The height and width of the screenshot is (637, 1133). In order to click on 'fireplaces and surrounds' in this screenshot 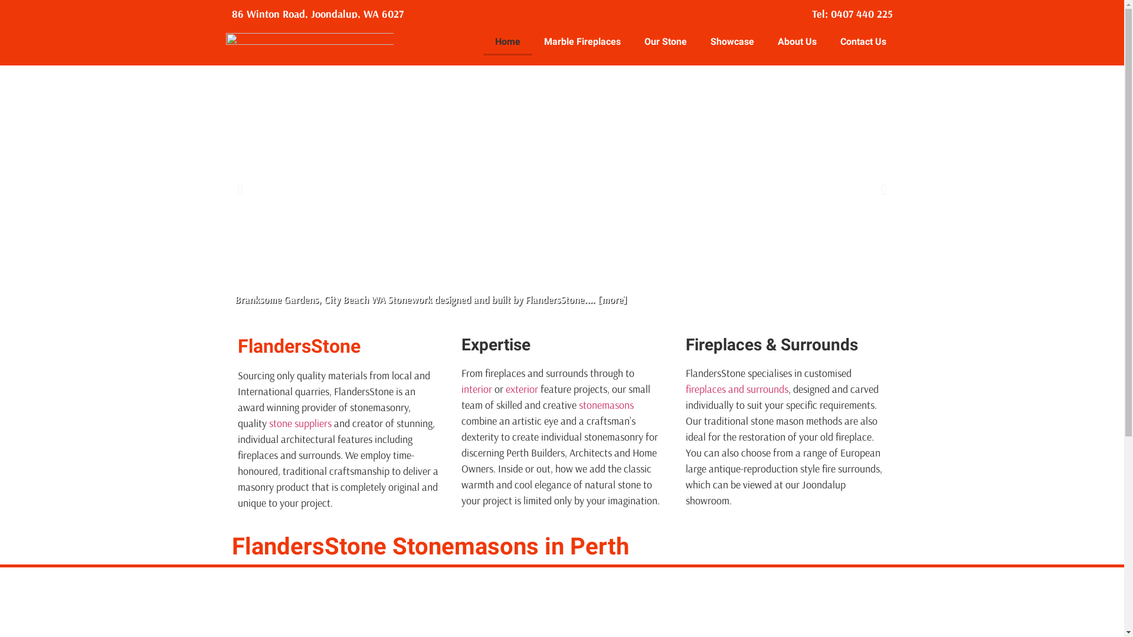, I will do `click(736, 389)`.